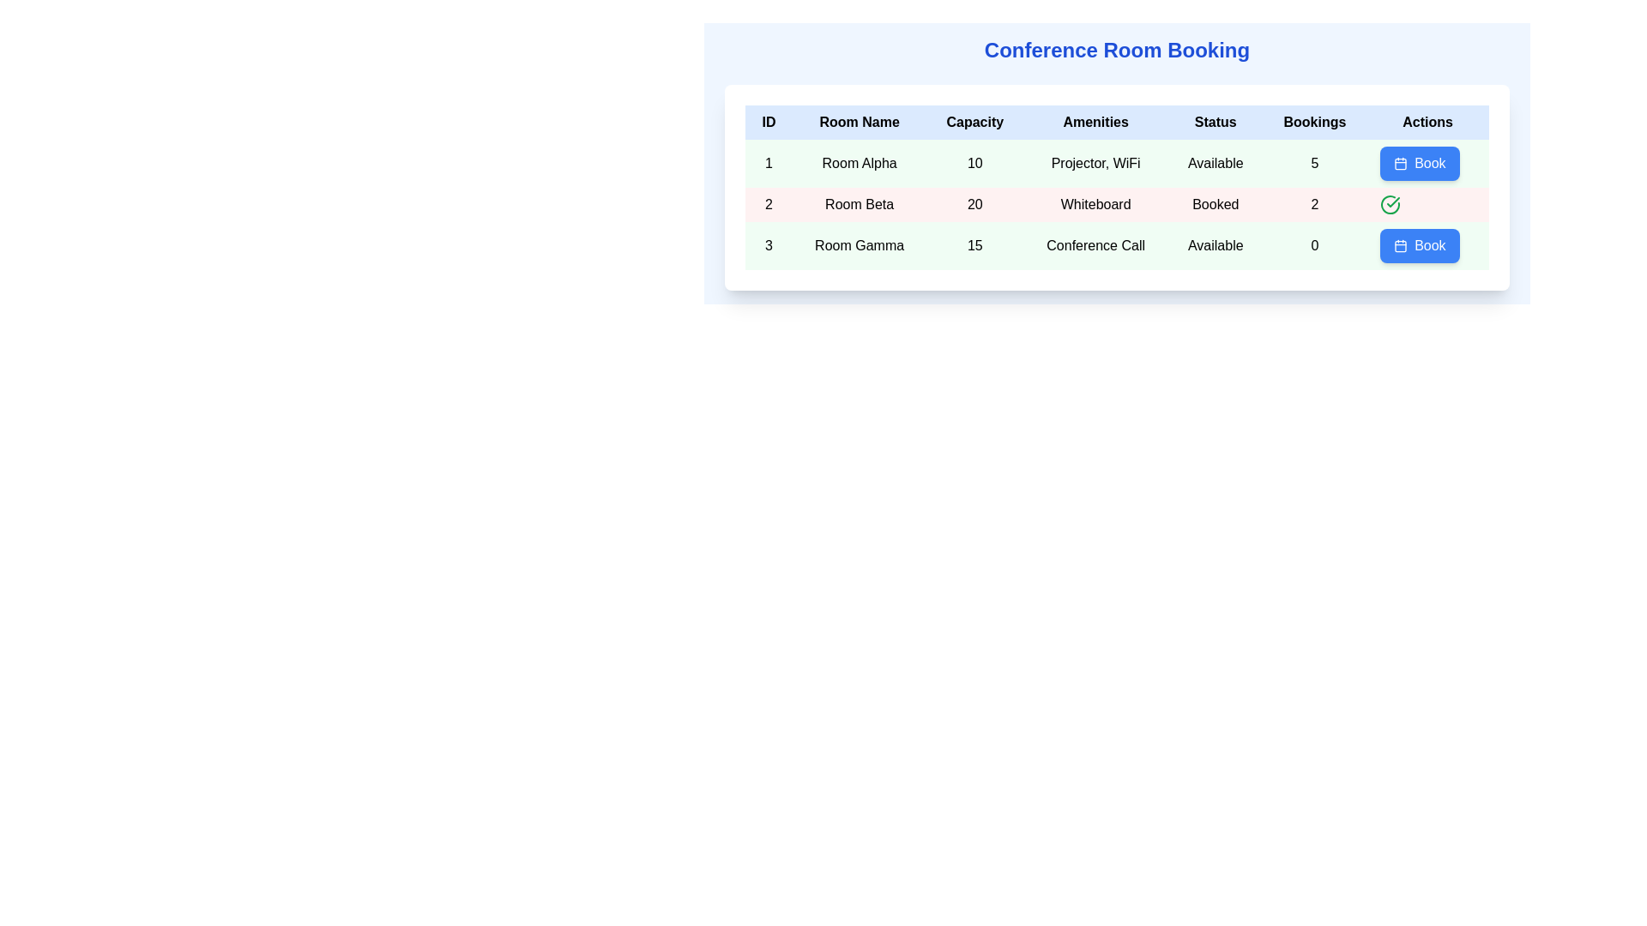  What do you see at coordinates (1313, 164) in the screenshot?
I see `the Text display indicating the booking count for the corresponding room in the sixth column of the first data row in the table` at bounding box center [1313, 164].